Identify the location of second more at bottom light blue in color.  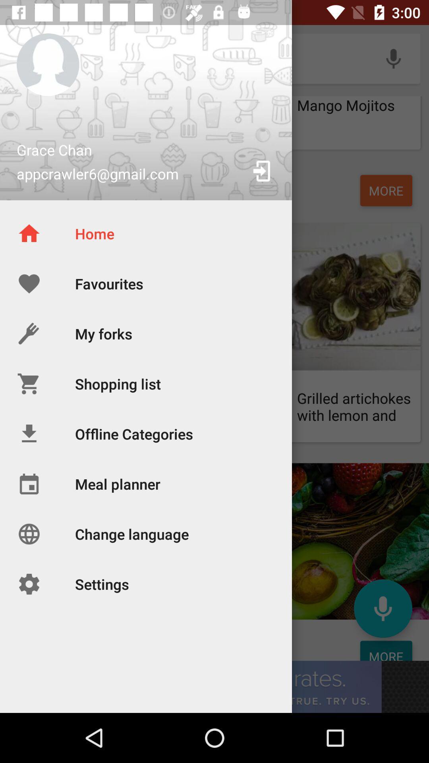
(386, 651).